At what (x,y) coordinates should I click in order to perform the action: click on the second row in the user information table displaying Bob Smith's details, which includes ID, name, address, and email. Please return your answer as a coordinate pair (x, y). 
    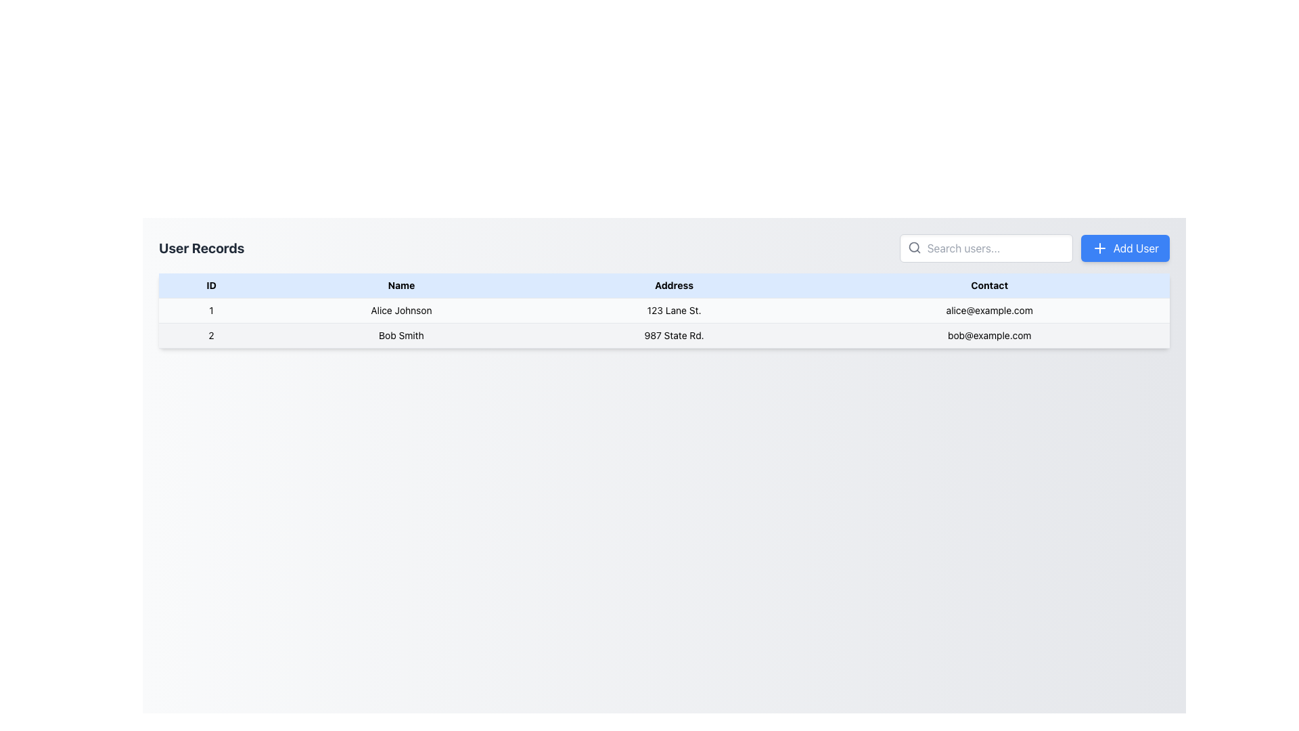
    Looking at the image, I should click on (664, 335).